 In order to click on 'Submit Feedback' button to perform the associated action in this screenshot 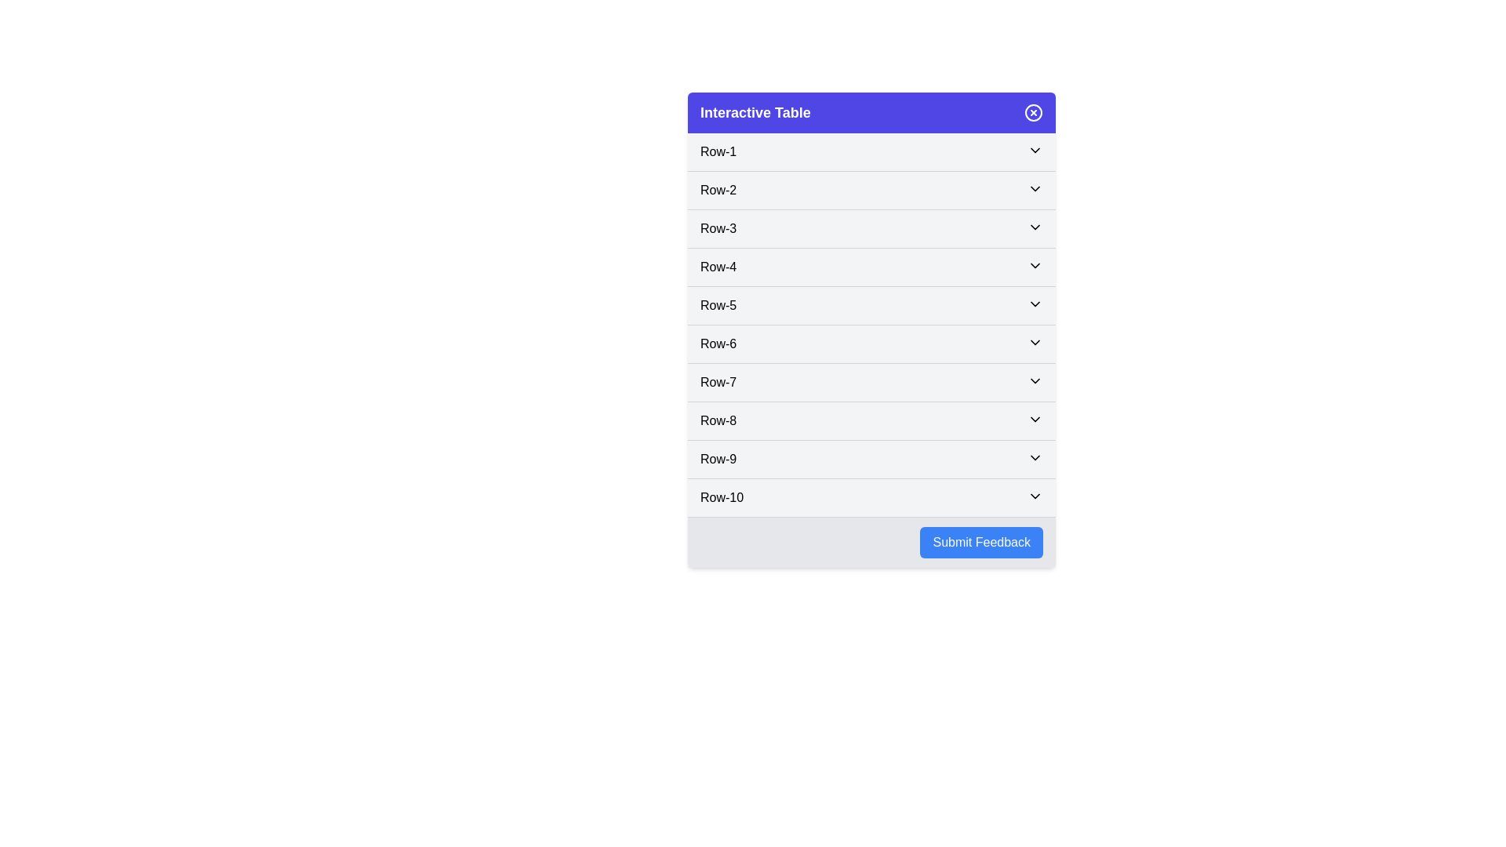, I will do `click(980, 541)`.